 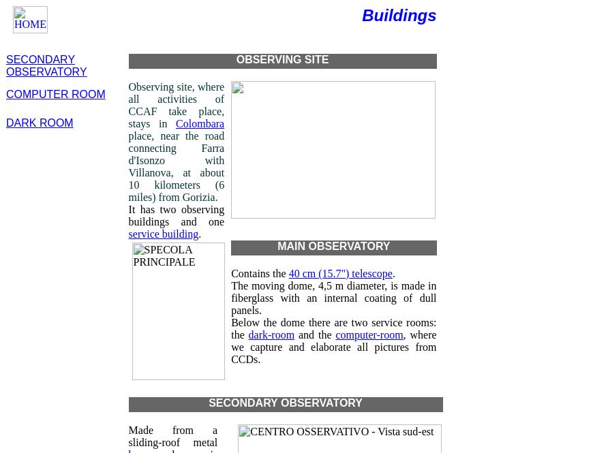 What do you see at coordinates (176, 215) in the screenshot?
I see `'It has two observing buildings and one'` at bounding box center [176, 215].